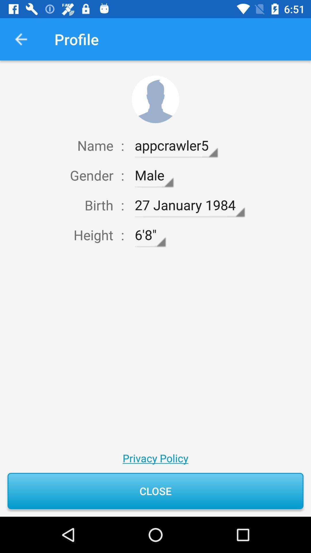 Image resolution: width=311 pixels, height=553 pixels. What do you see at coordinates (154, 175) in the screenshot?
I see `item below the appcrawler5 icon` at bounding box center [154, 175].